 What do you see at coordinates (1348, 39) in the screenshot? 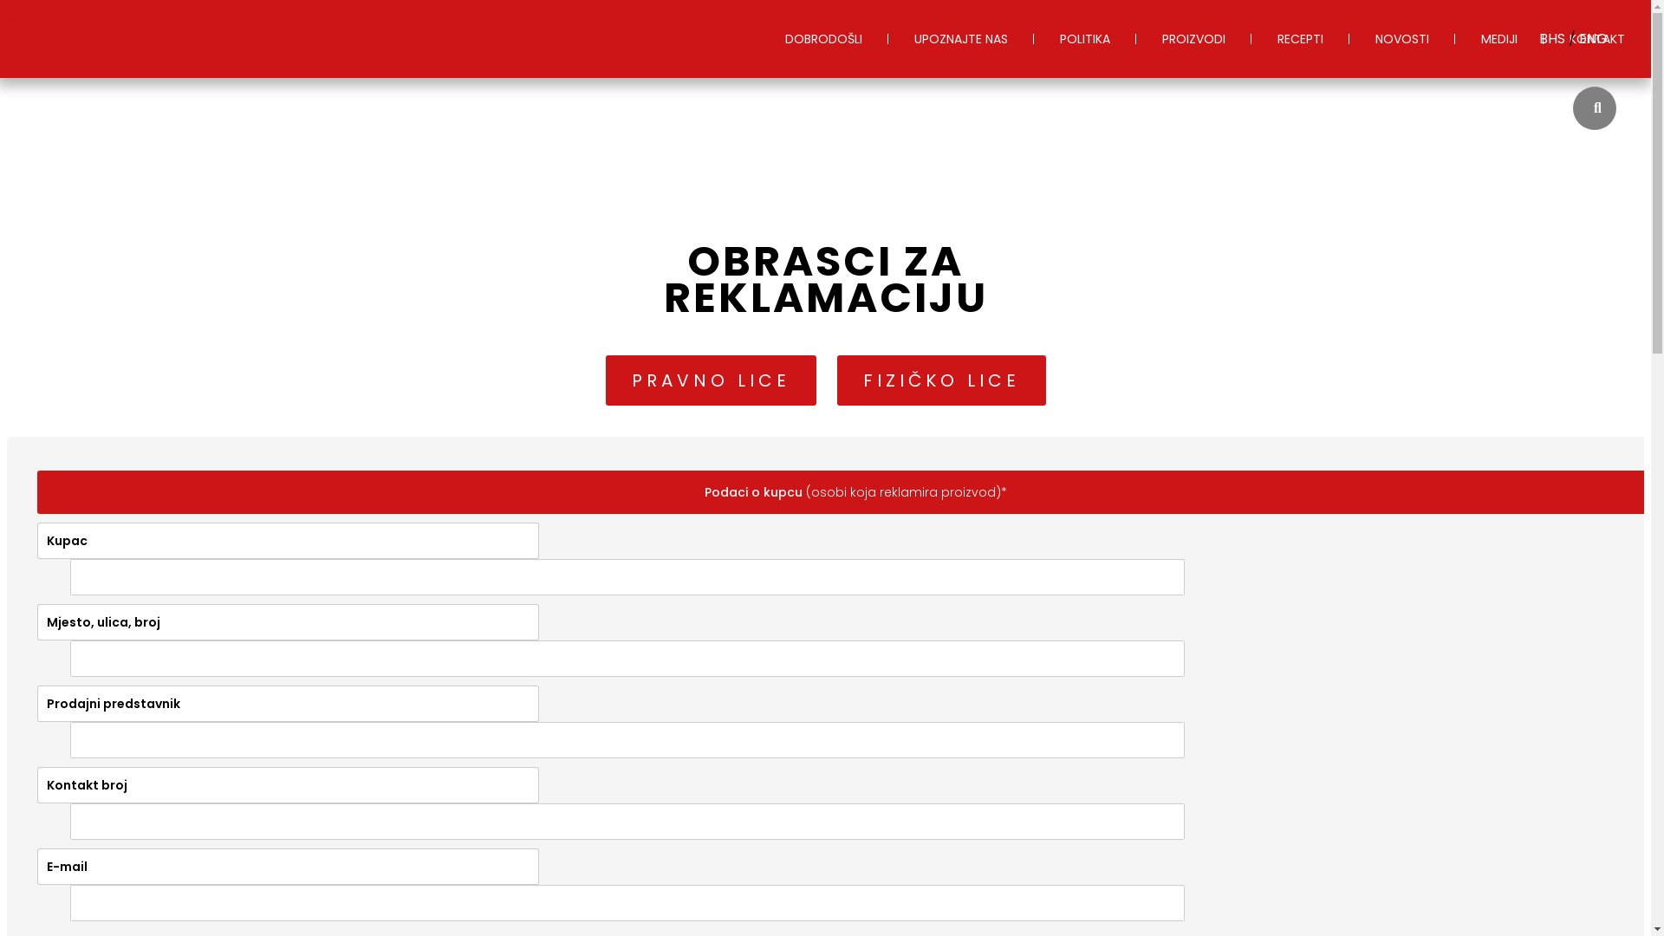
I see `'NOVOSTI'` at bounding box center [1348, 39].